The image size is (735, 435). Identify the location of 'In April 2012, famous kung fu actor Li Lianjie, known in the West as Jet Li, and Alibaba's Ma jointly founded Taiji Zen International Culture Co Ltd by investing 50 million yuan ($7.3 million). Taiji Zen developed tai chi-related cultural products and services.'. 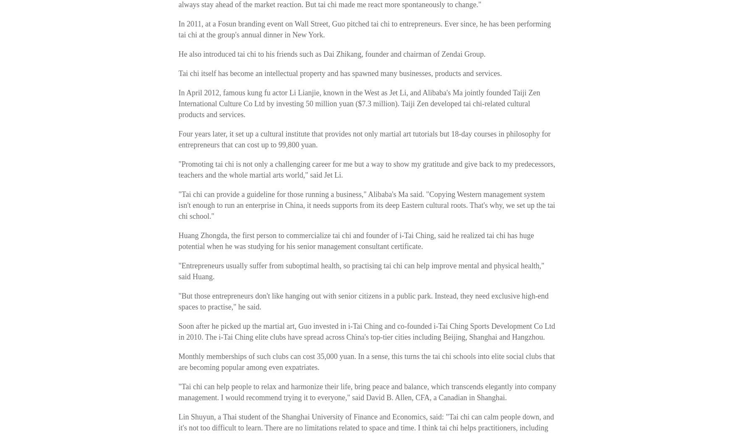
(178, 103).